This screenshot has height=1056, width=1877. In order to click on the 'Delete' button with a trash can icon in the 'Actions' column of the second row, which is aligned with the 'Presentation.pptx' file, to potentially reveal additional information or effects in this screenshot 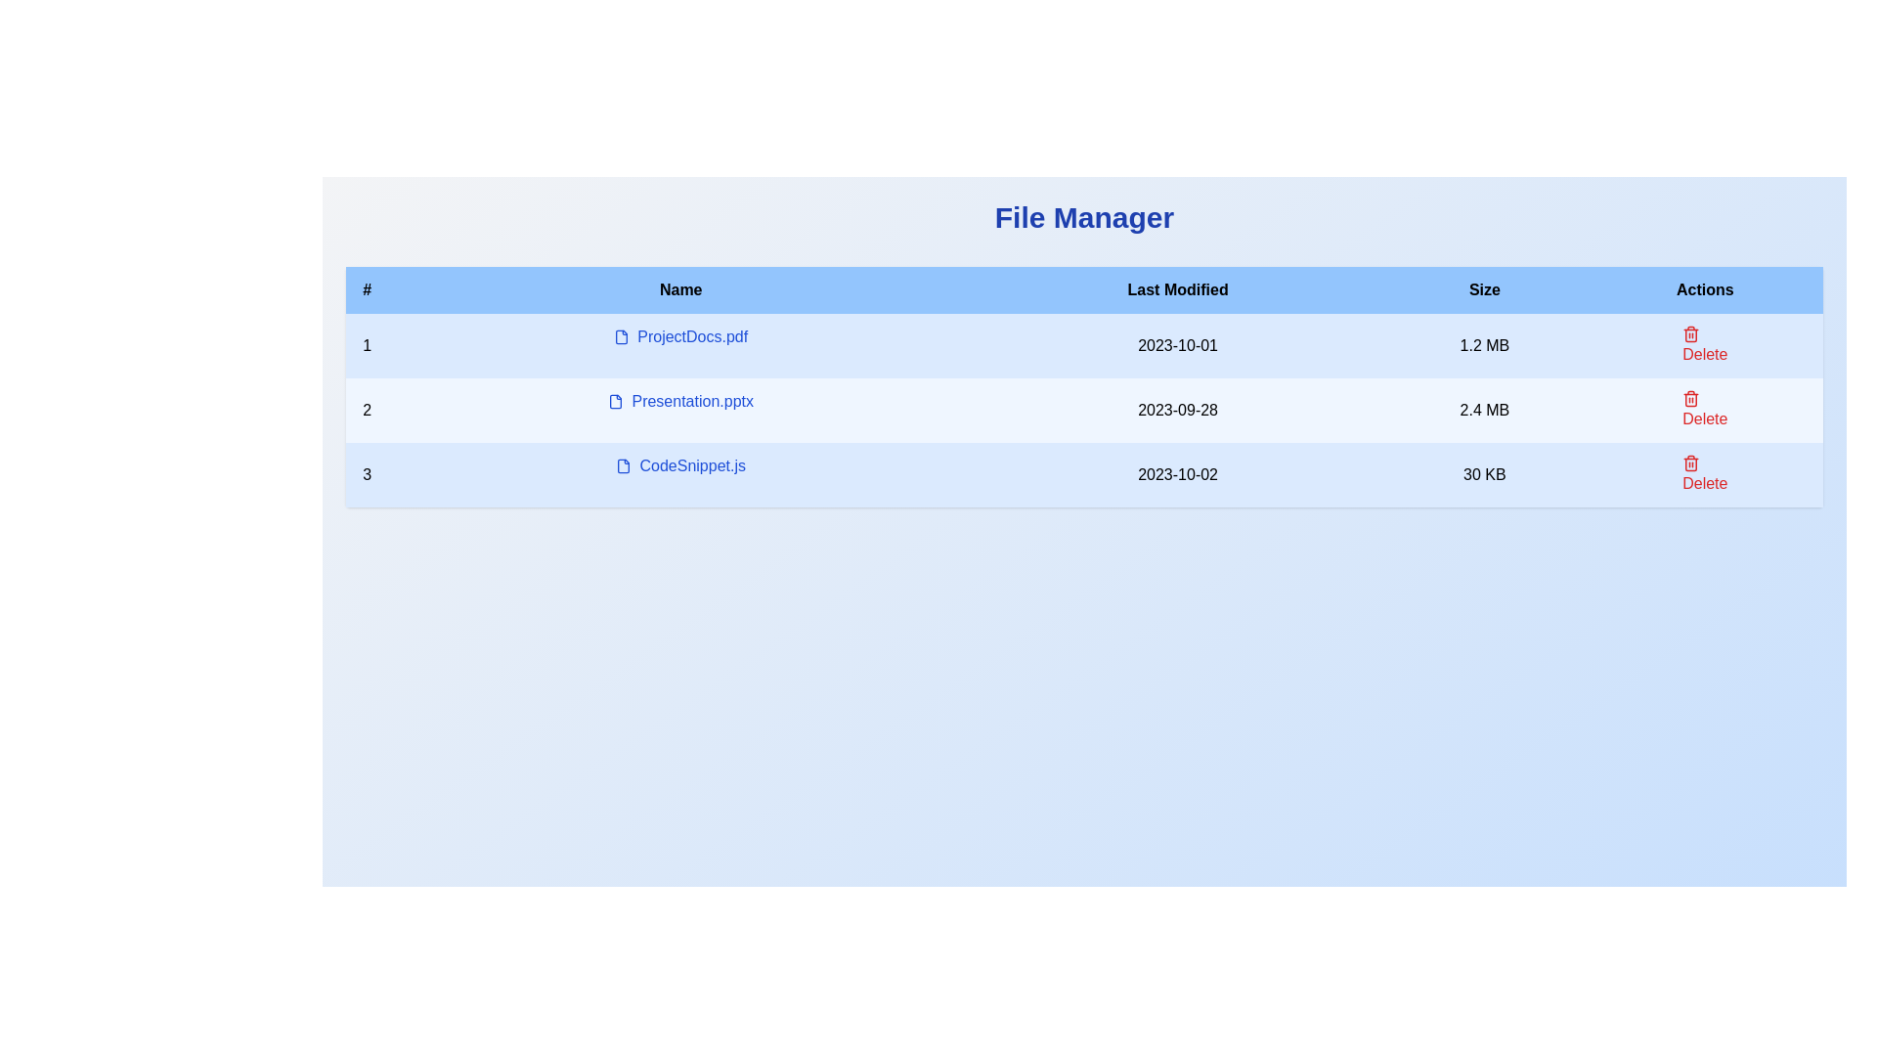, I will do `click(1704, 345)`.